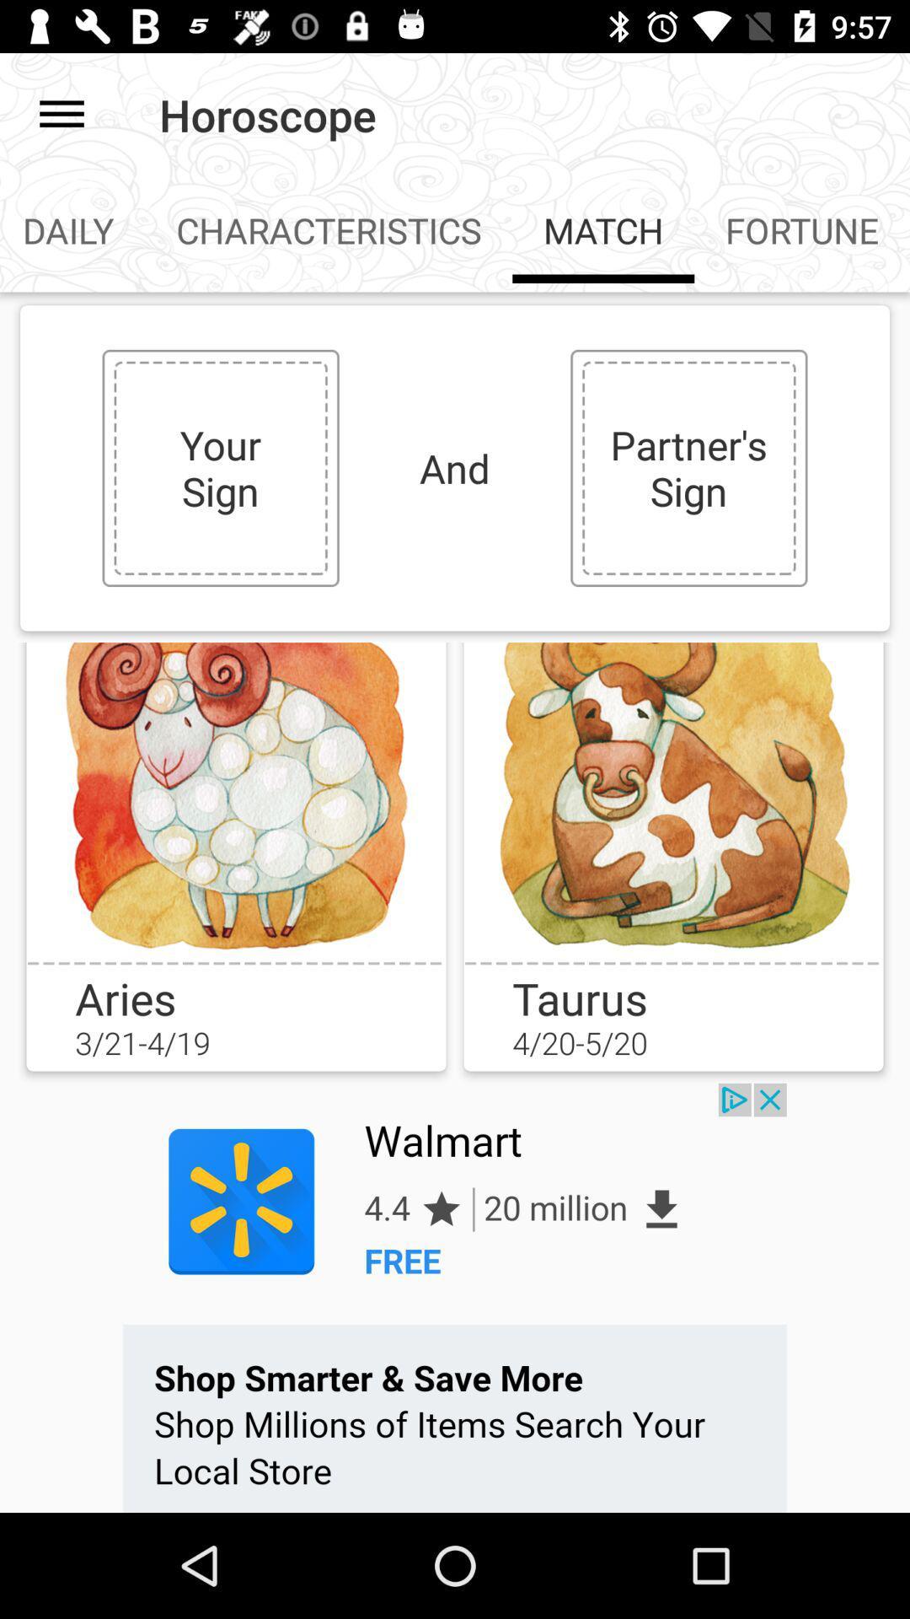 This screenshot has height=1619, width=910. Describe the element at coordinates (672, 800) in the screenshot. I see `match button` at that location.